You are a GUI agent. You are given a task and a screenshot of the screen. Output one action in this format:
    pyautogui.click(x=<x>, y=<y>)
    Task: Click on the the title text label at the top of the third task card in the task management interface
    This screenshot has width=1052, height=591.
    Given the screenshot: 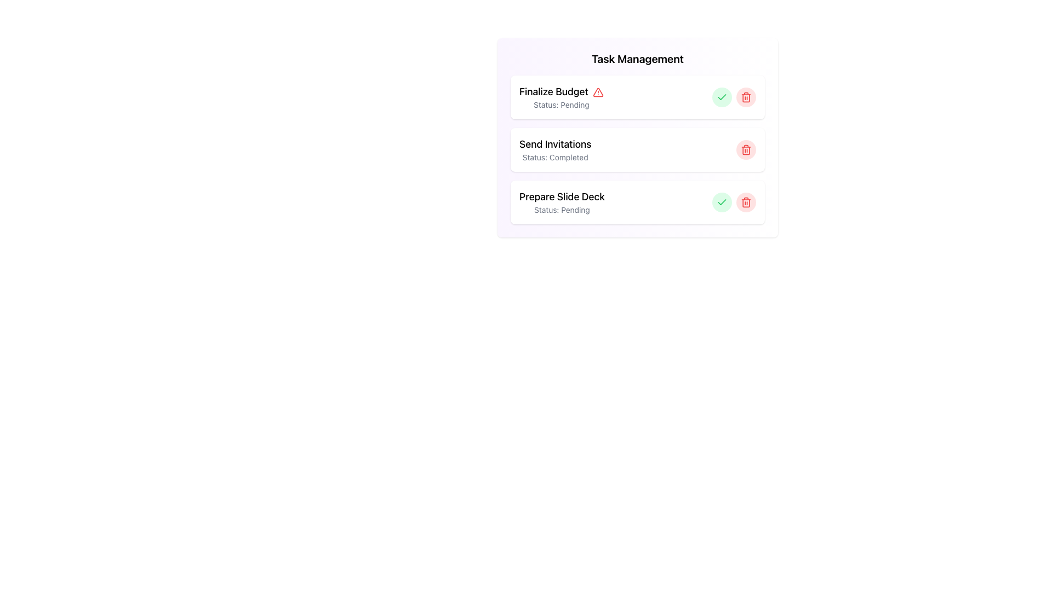 What is the action you would take?
    pyautogui.click(x=562, y=196)
    